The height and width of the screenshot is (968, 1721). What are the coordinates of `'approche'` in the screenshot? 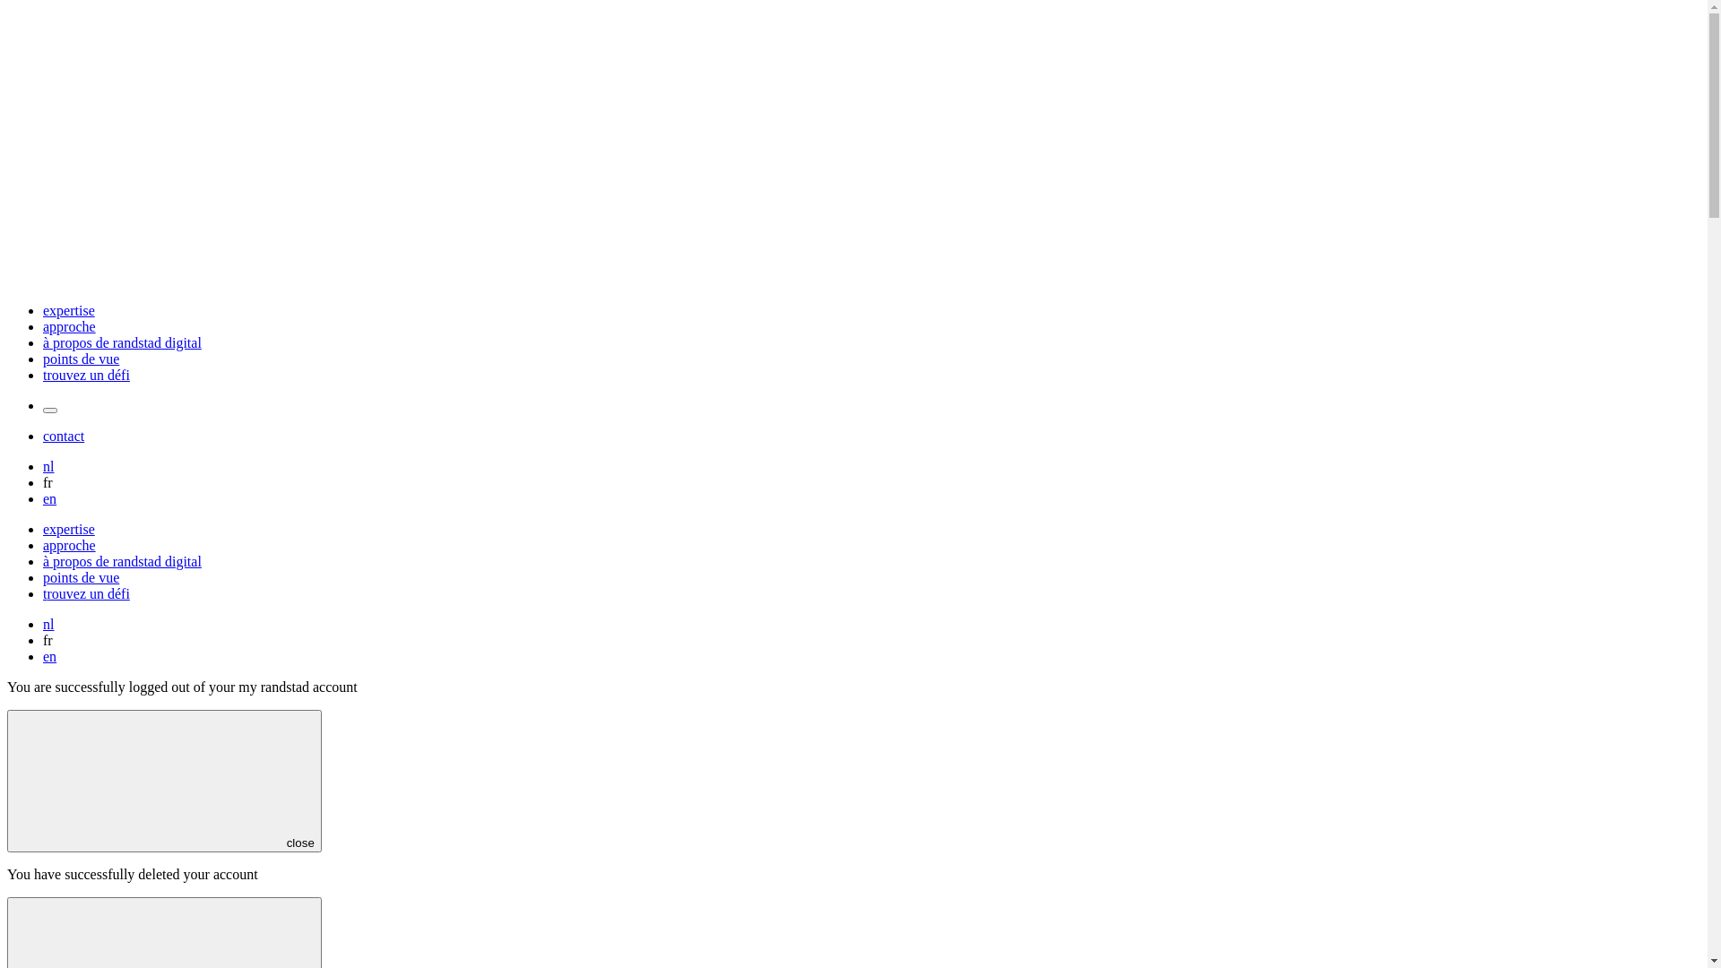 It's located at (43, 326).